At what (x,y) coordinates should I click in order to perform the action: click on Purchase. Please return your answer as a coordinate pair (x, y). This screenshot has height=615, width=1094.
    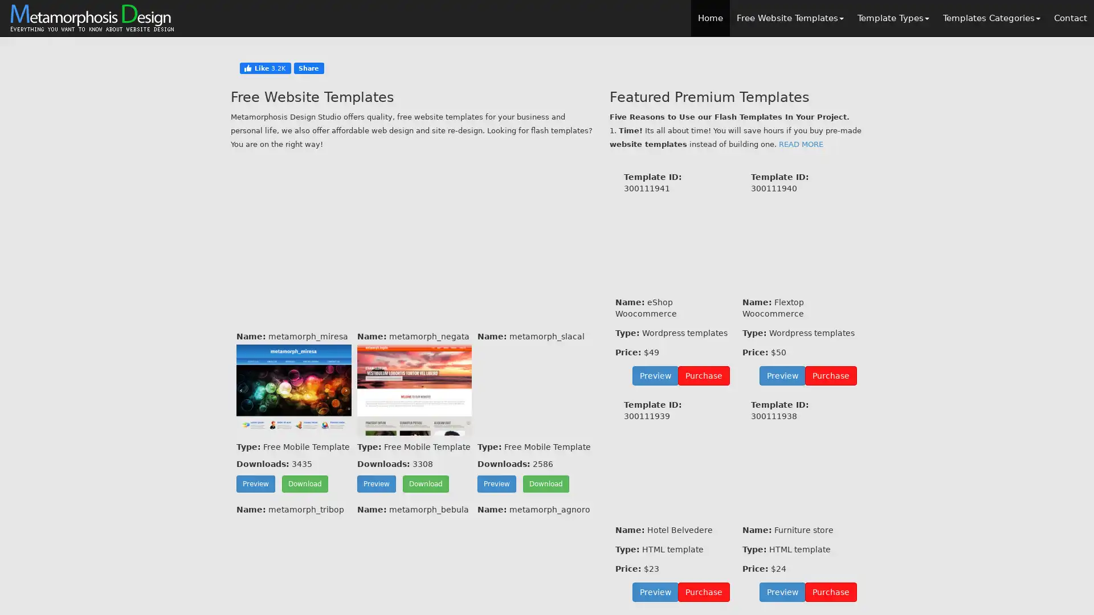
    Looking at the image, I should click on (703, 375).